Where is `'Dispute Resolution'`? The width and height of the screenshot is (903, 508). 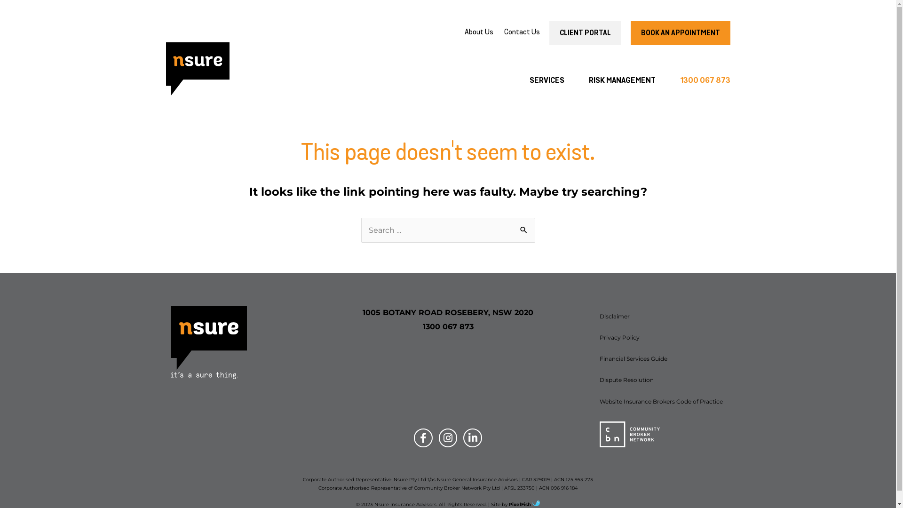
'Dispute Resolution' is located at coordinates (661, 379).